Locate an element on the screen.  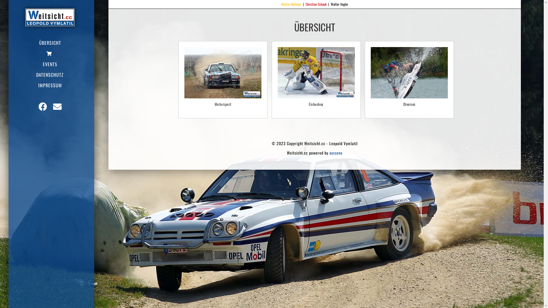
'IMPRESSUM' is located at coordinates (51, 85).